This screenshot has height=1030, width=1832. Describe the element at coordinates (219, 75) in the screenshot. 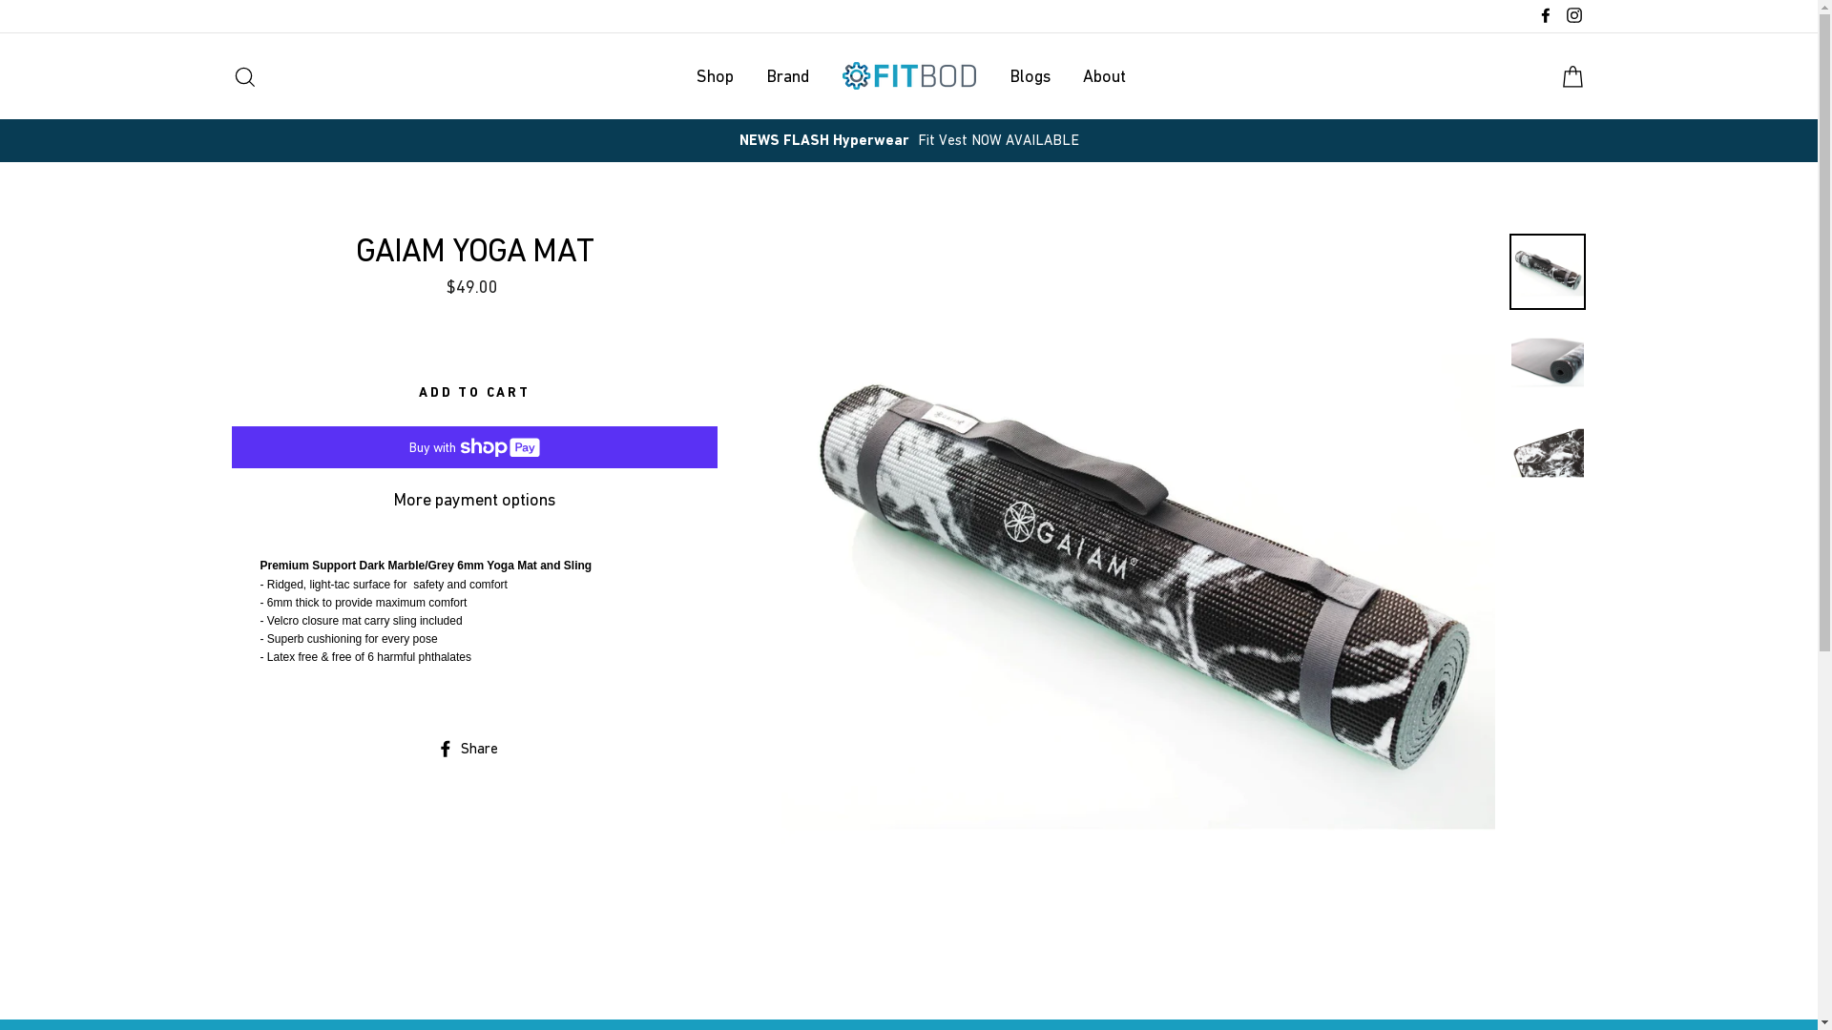

I see `'Search'` at that location.